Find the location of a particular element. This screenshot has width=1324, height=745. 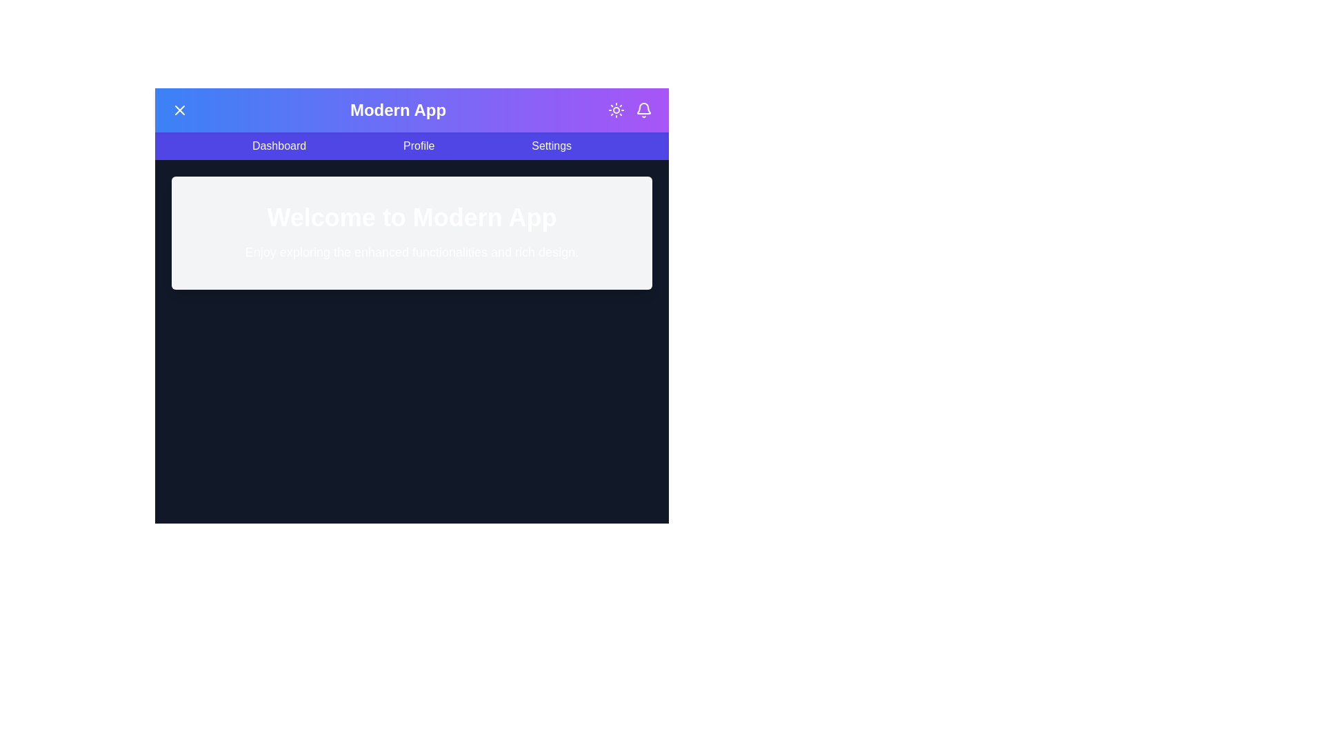

the Dashboard navigation link is located at coordinates (278, 146).